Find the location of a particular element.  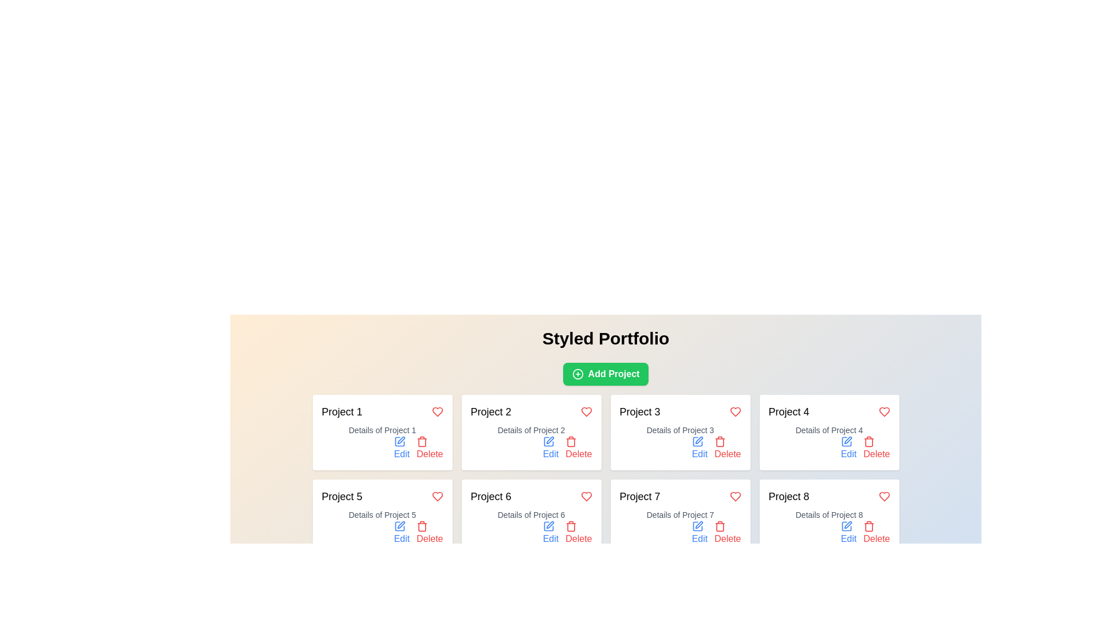

the blue pen icon representing the edit action located under 'Project 3' to initiate editing is located at coordinates (697, 441).